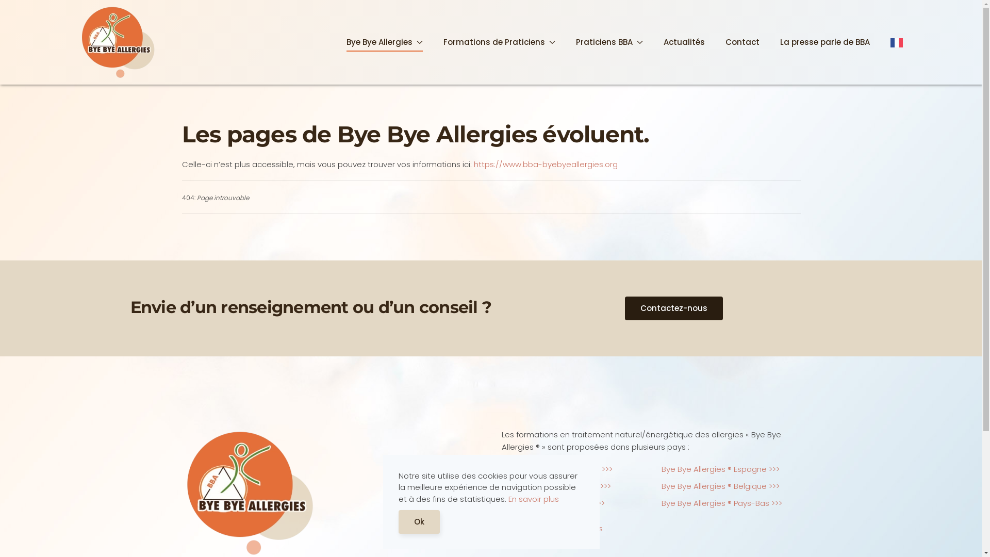  What do you see at coordinates (384, 41) in the screenshot?
I see `'Bye Bye Allergies'` at bounding box center [384, 41].